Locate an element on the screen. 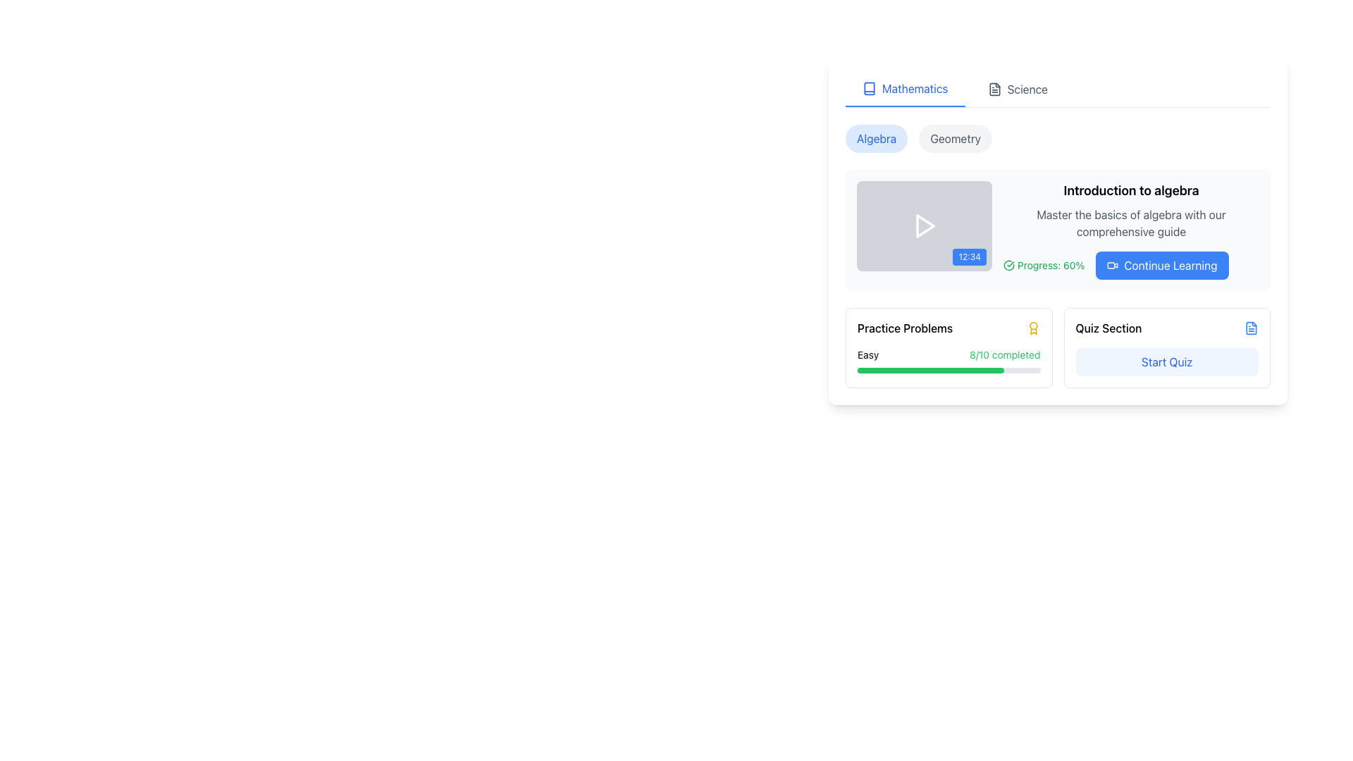 This screenshot has width=1353, height=761. progress percentage displayed in the informational label with an icon, located to the left of the 'Continue Learning' button is located at coordinates (1044, 266).